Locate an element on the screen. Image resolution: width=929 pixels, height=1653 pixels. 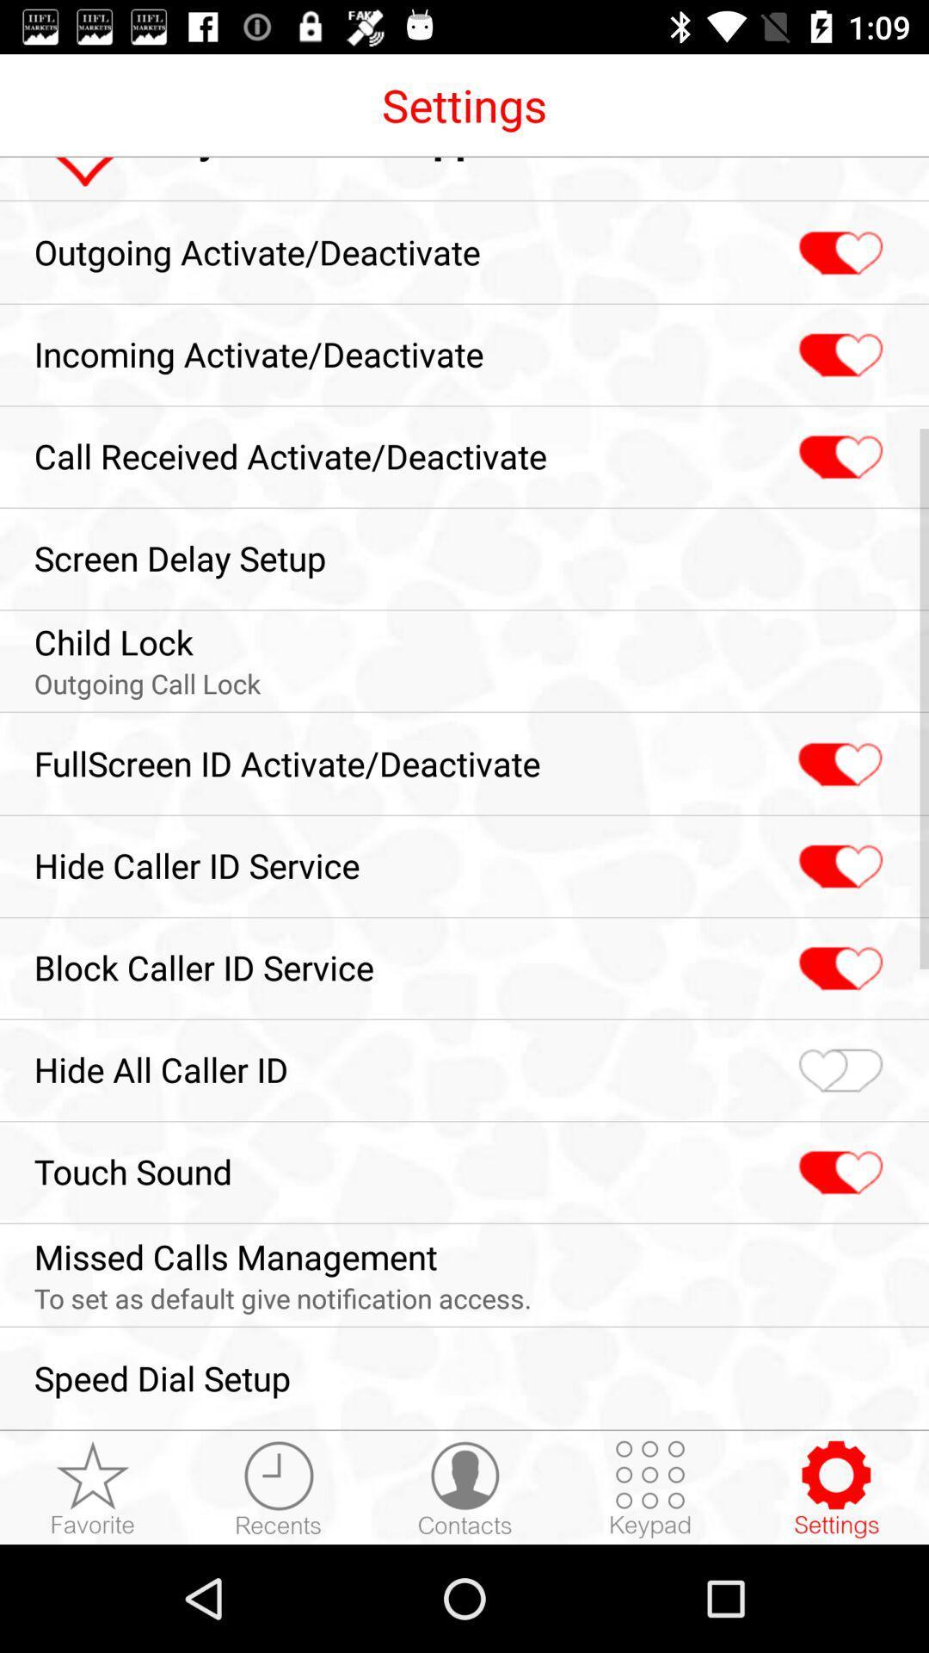
the favorite icon is located at coordinates (837, 764).